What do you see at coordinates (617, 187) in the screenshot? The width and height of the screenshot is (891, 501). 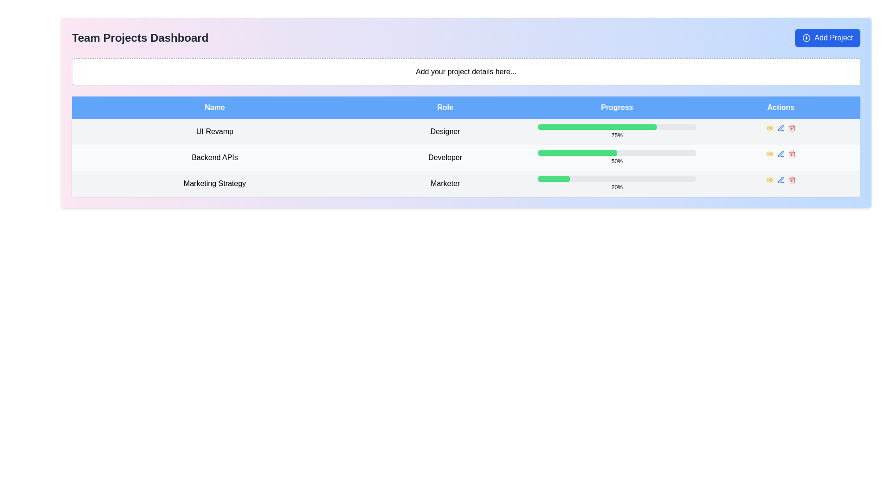 I see `the static text label displaying '20%' located below the progress bar in the 'Marketing Strategy' row of the 'Progress' column in the table layout` at bounding box center [617, 187].